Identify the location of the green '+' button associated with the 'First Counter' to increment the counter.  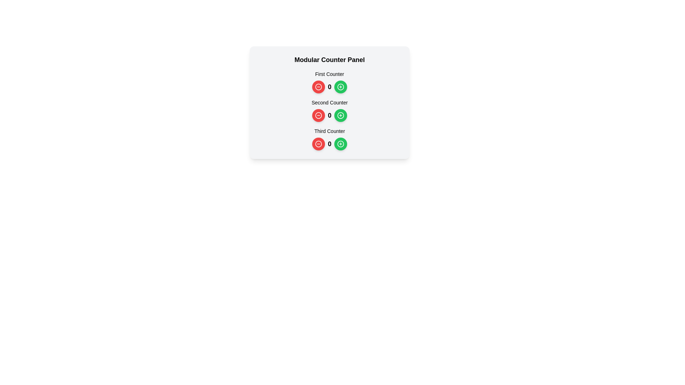
(340, 86).